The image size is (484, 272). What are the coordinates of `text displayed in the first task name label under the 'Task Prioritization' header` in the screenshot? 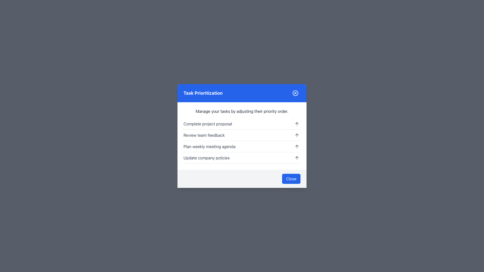 It's located at (208, 124).